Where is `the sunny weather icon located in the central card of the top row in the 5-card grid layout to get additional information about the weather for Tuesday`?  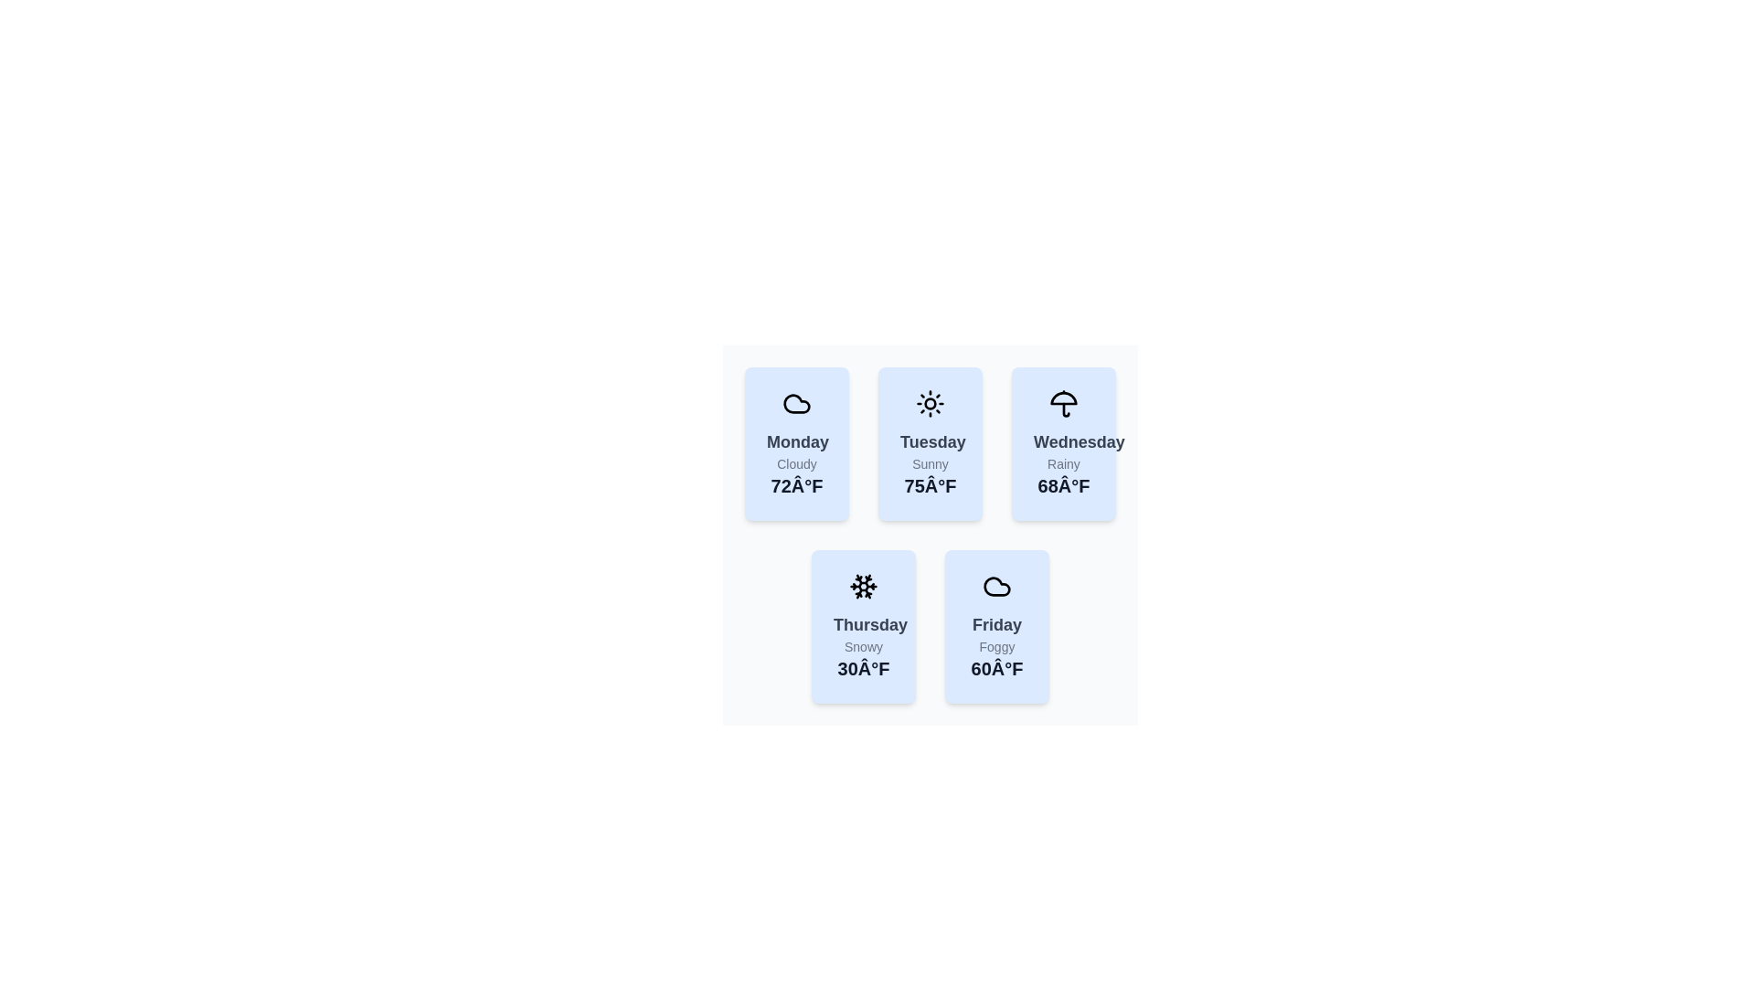 the sunny weather icon located in the central card of the top row in the 5-card grid layout to get additional information about the weather for Tuesday is located at coordinates (930, 403).